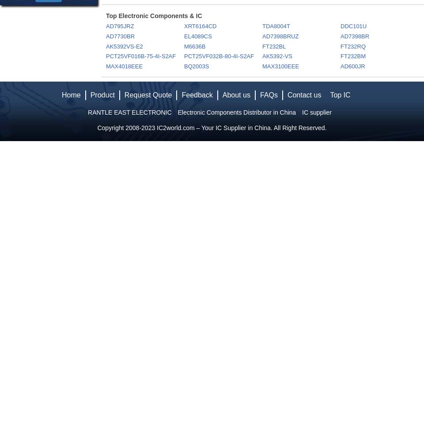  I want to click on 'Top Electronic Components & IC', so click(154, 16).